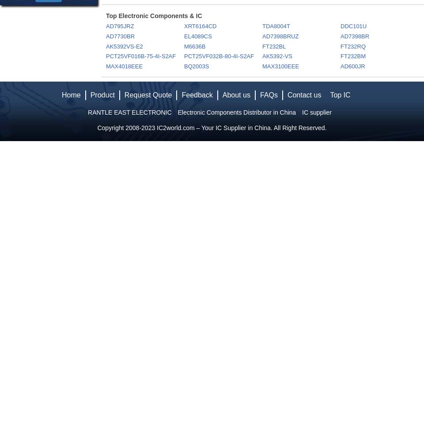  I want to click on 'Top Electronic Components & IC', so click(154, 16).